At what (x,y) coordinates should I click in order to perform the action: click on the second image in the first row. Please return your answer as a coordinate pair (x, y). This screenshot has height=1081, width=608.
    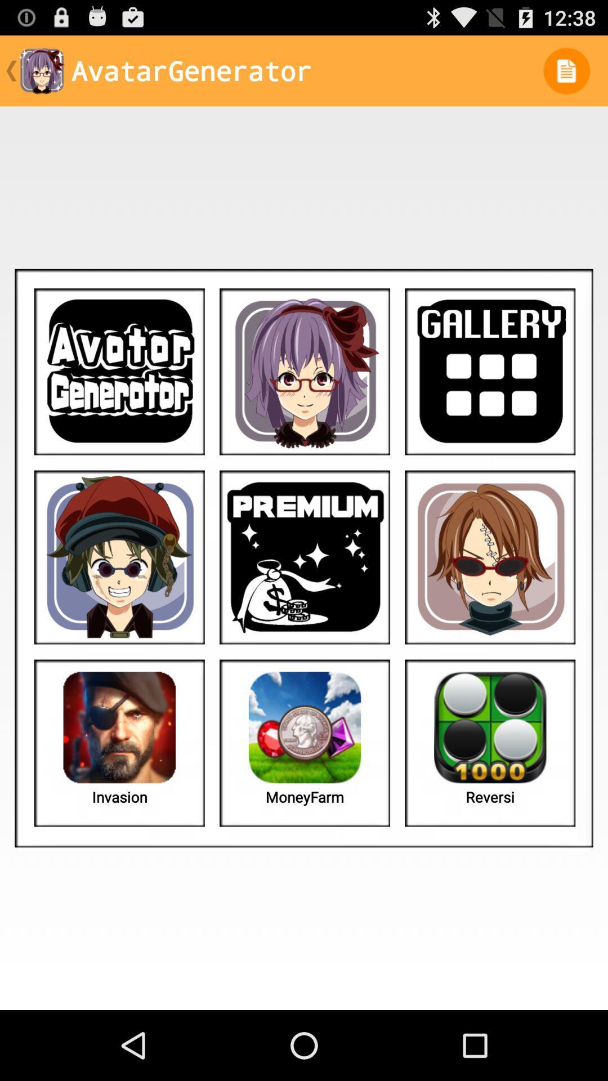
    Looking at the image, I should click on (305, 372).